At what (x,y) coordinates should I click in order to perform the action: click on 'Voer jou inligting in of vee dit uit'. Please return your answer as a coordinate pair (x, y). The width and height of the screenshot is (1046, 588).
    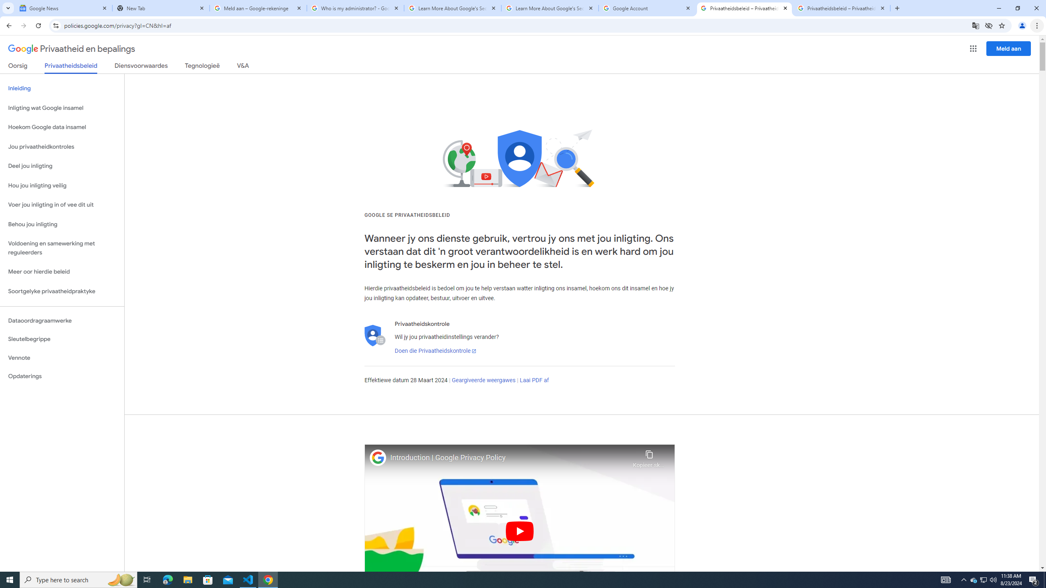
    Looking at the image, I should click on (62, 205).